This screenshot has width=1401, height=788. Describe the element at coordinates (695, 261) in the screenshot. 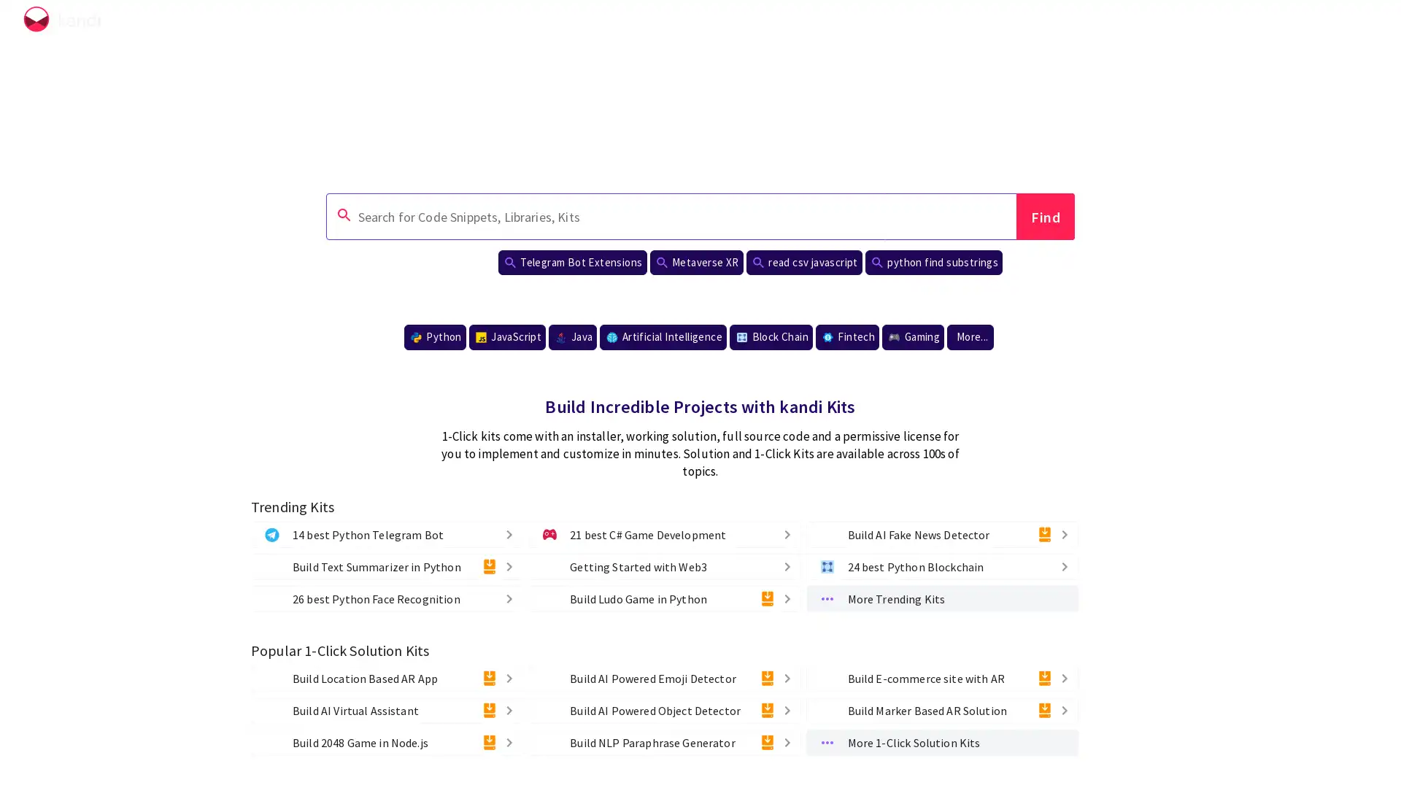

I see `search icon Metaverse XR` at that location.